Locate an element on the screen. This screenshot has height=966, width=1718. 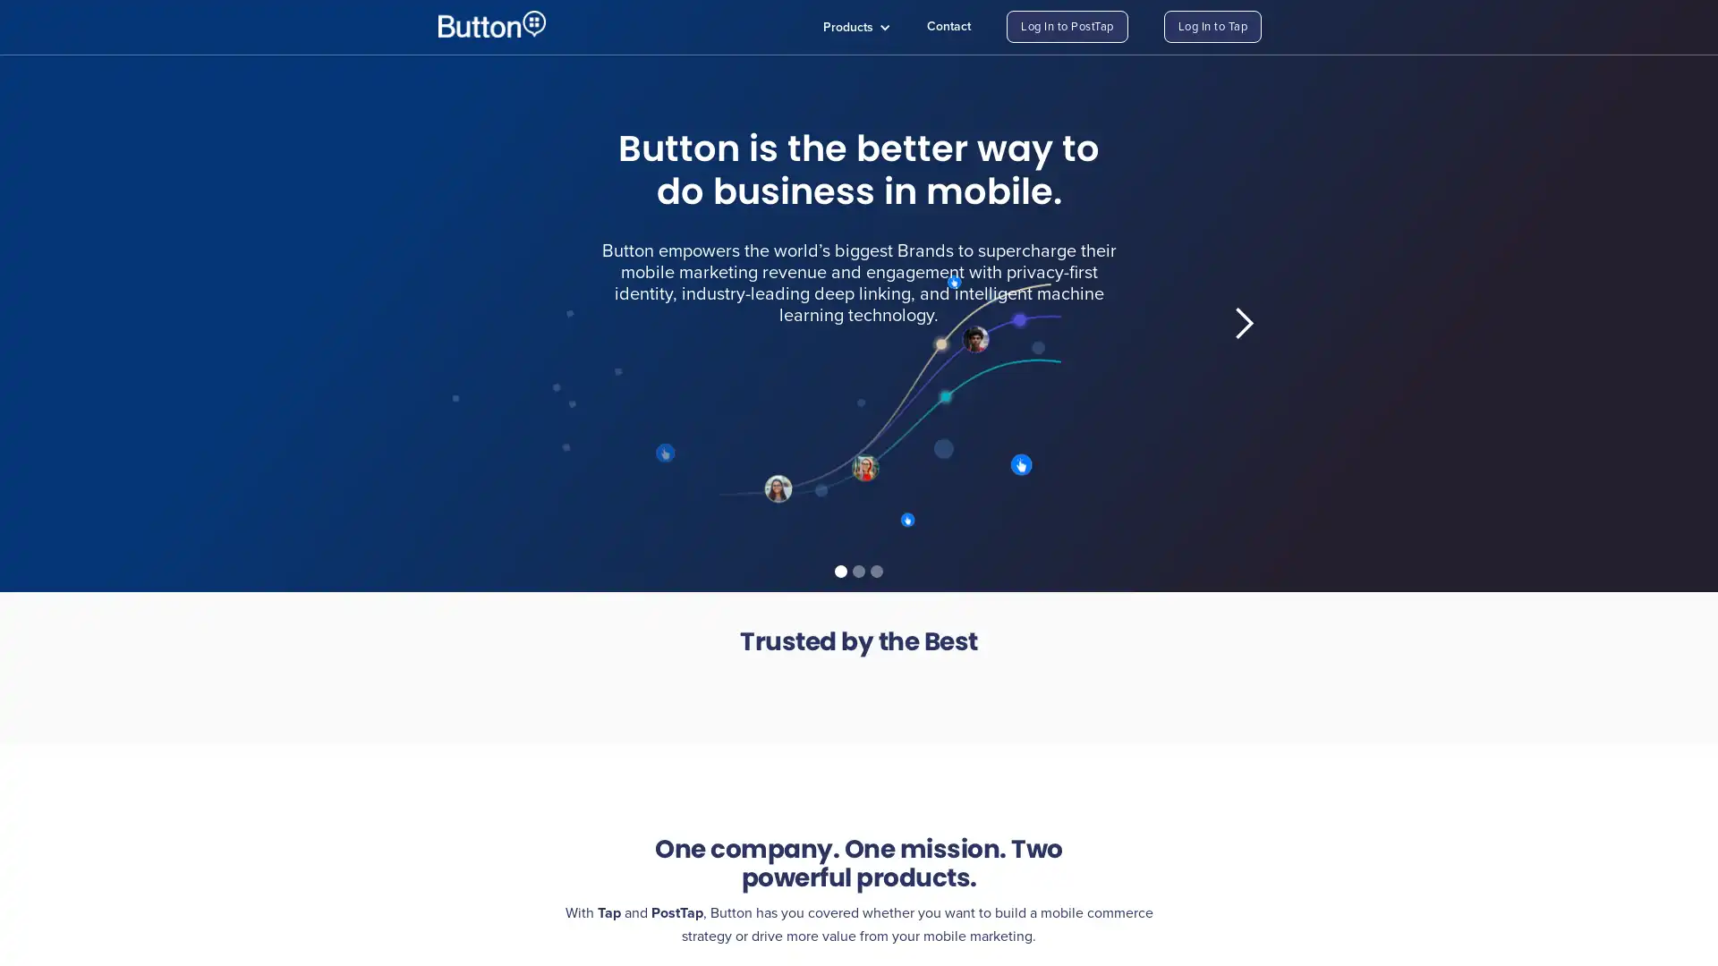
Show slide 3 of 3 is located at coordinates (876, 572).